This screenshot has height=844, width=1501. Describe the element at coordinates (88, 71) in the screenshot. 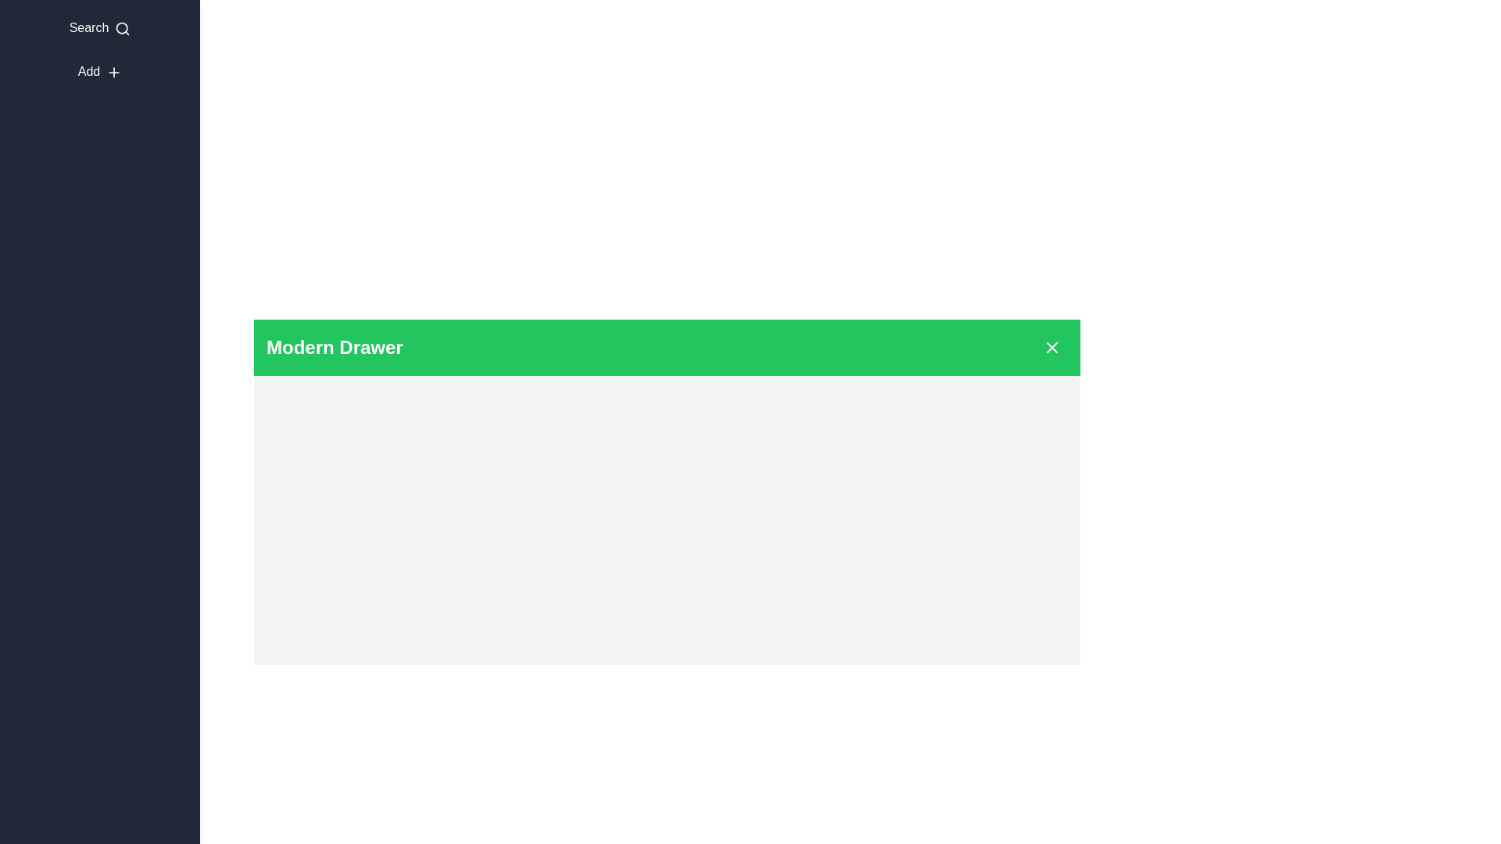

I see `the text label that serves as a menu item for adding new items, located in the left sidebar under the search field` at that location.